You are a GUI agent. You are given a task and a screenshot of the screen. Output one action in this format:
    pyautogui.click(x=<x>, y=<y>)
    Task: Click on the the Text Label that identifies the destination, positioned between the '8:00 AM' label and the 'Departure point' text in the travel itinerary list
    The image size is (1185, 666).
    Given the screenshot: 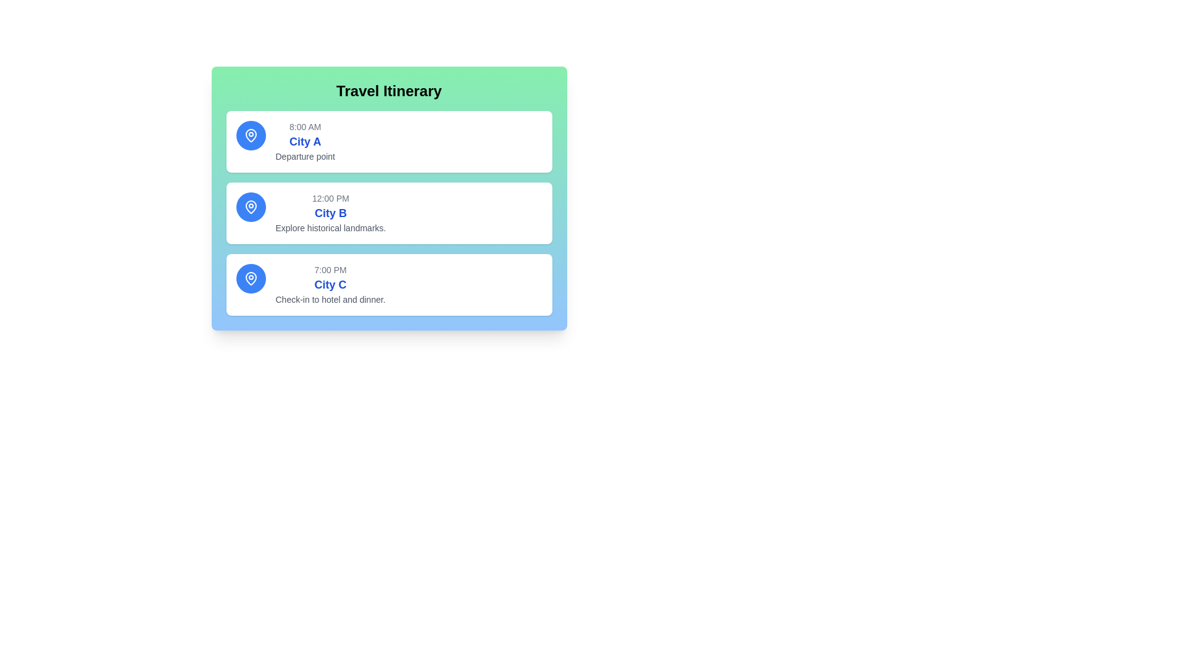 What is the action you would take?
    pyautogui.click(x=305, y=141)
    